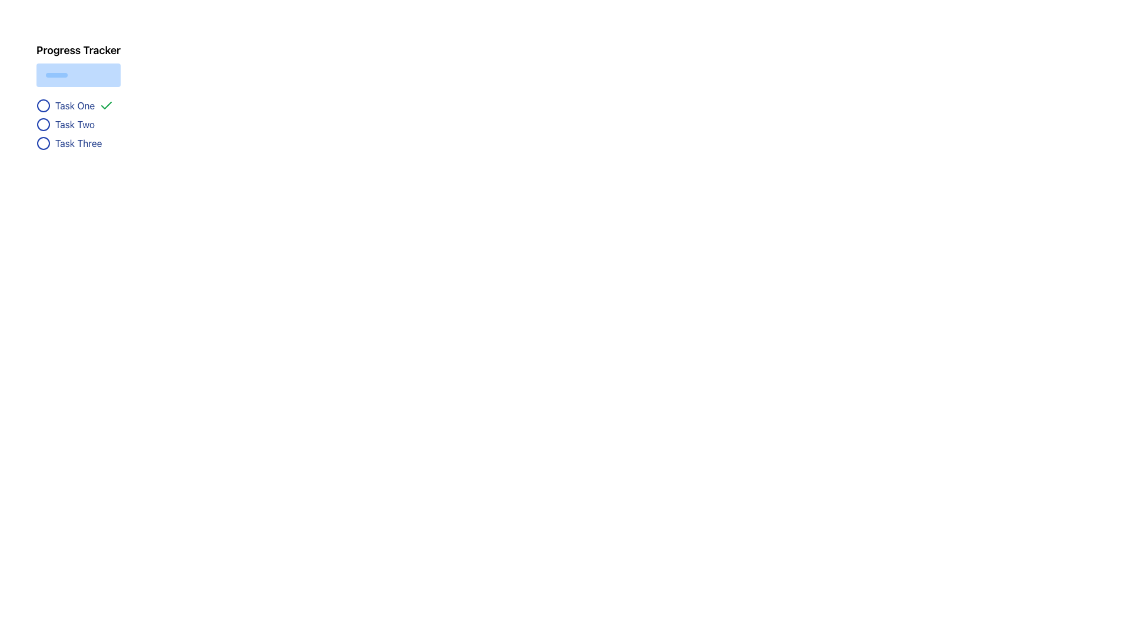 This screenshot has height=635, width=1130. Describe the element at coordinates (78, 142) in the screenshot. I see `the text label reading 'Task Three' styled in blue, which is the third item in the list of tasks under 'Progress Tracker'` at that location.